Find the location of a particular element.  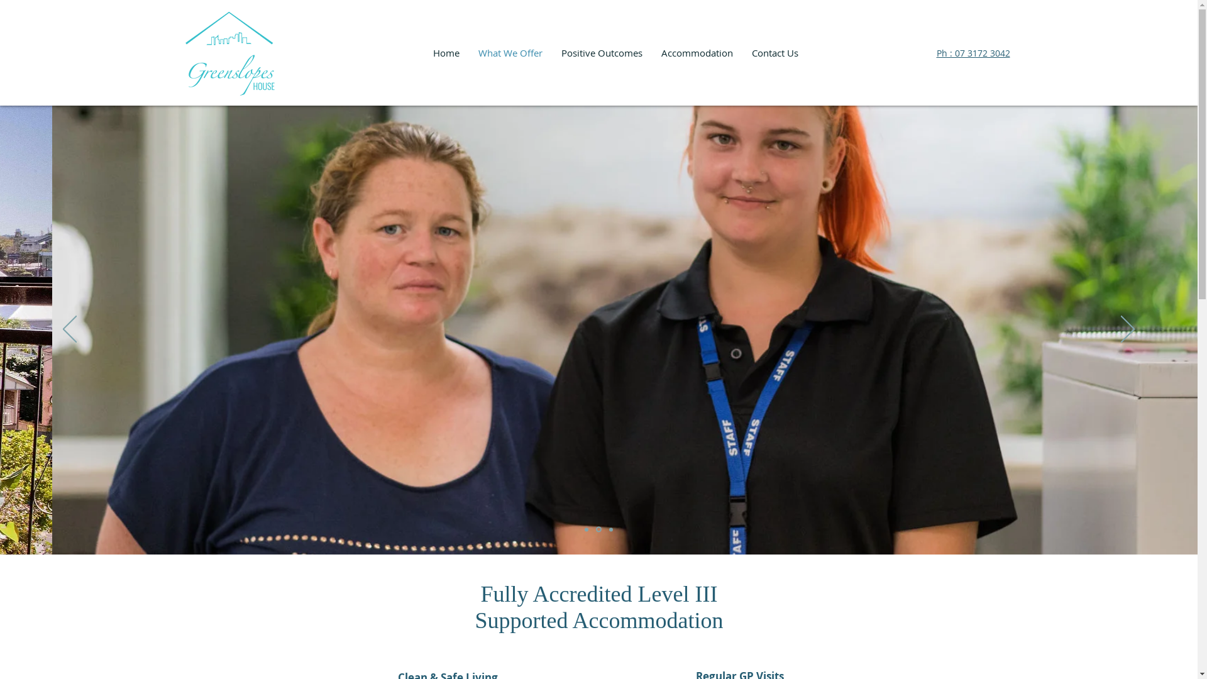

'Accommodation' is located at coordinates (651, 52).